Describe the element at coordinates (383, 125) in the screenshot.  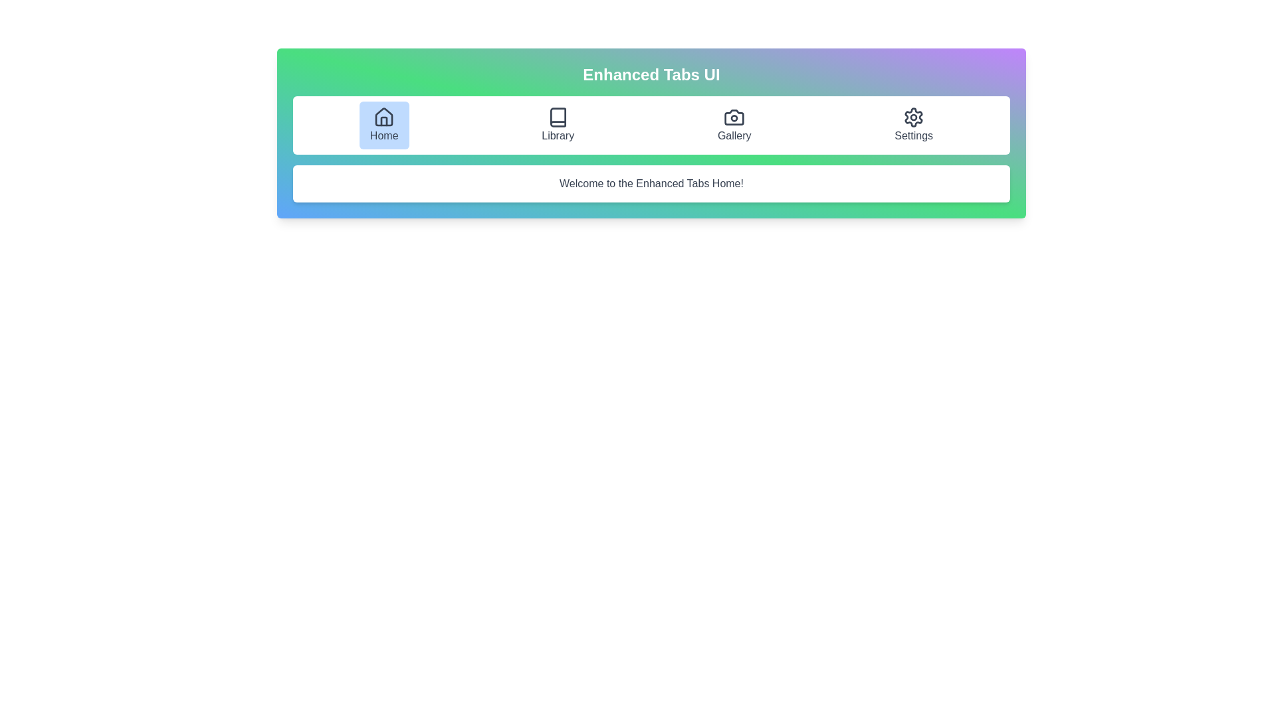
I see `the tab labeled Home` at that location.